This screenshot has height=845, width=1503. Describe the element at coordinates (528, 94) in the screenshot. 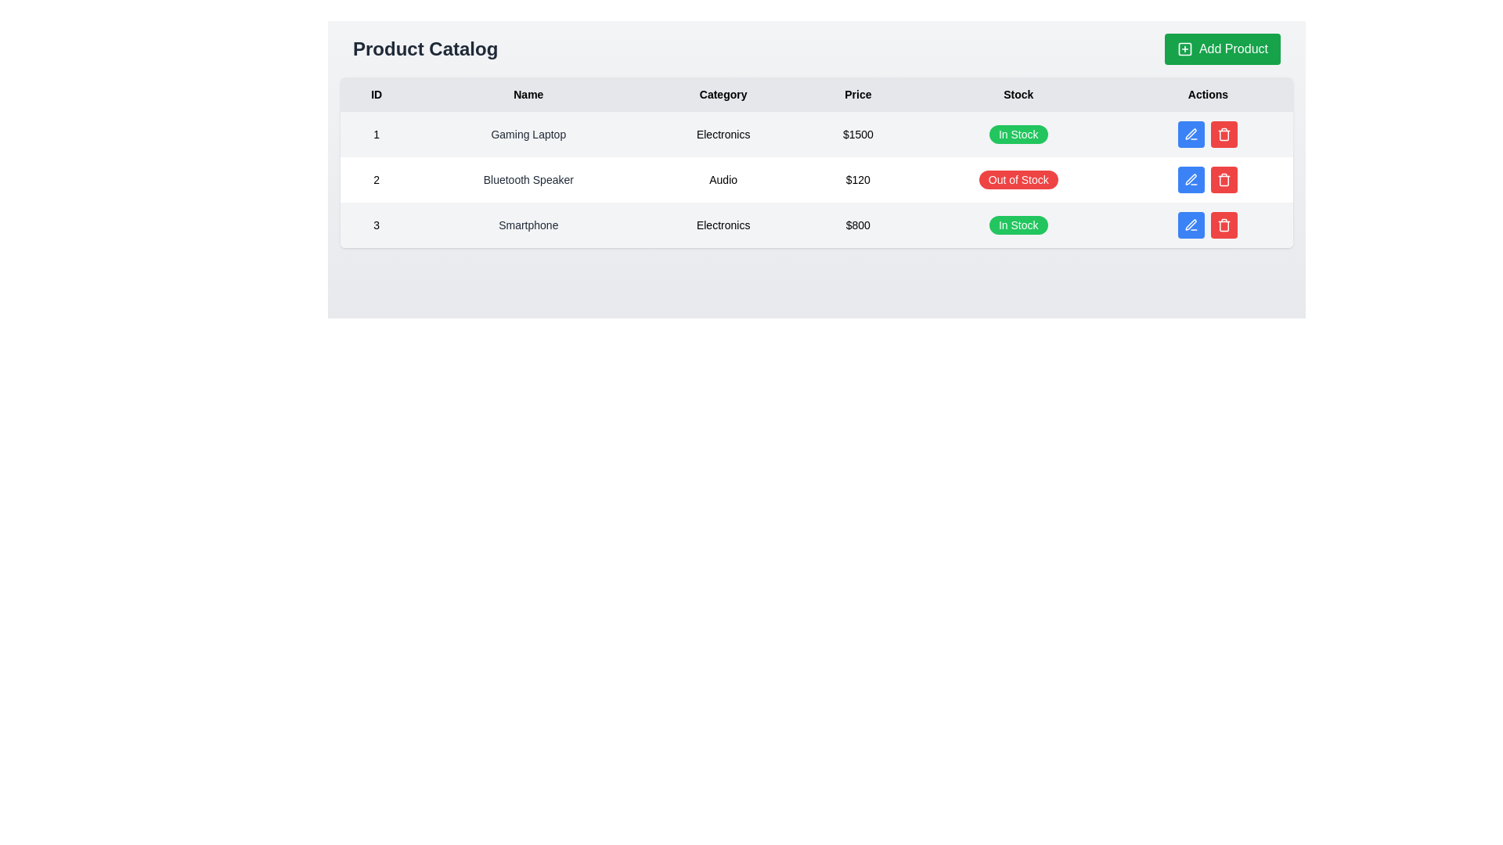

I see `the 'Name' header label in the table, which is the second header from the left, located between the 'ID' and 'Category' headers` at that location.